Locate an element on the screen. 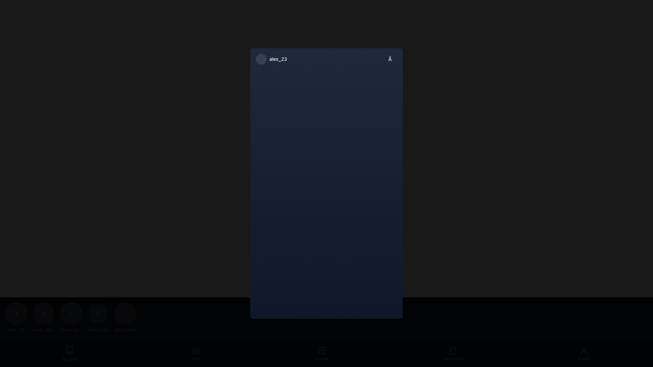  the fifth circular button from the left, which has a gradient outline from pink to yellow and a black background with the letter 'T' in white is located at coordinates (125, 313).